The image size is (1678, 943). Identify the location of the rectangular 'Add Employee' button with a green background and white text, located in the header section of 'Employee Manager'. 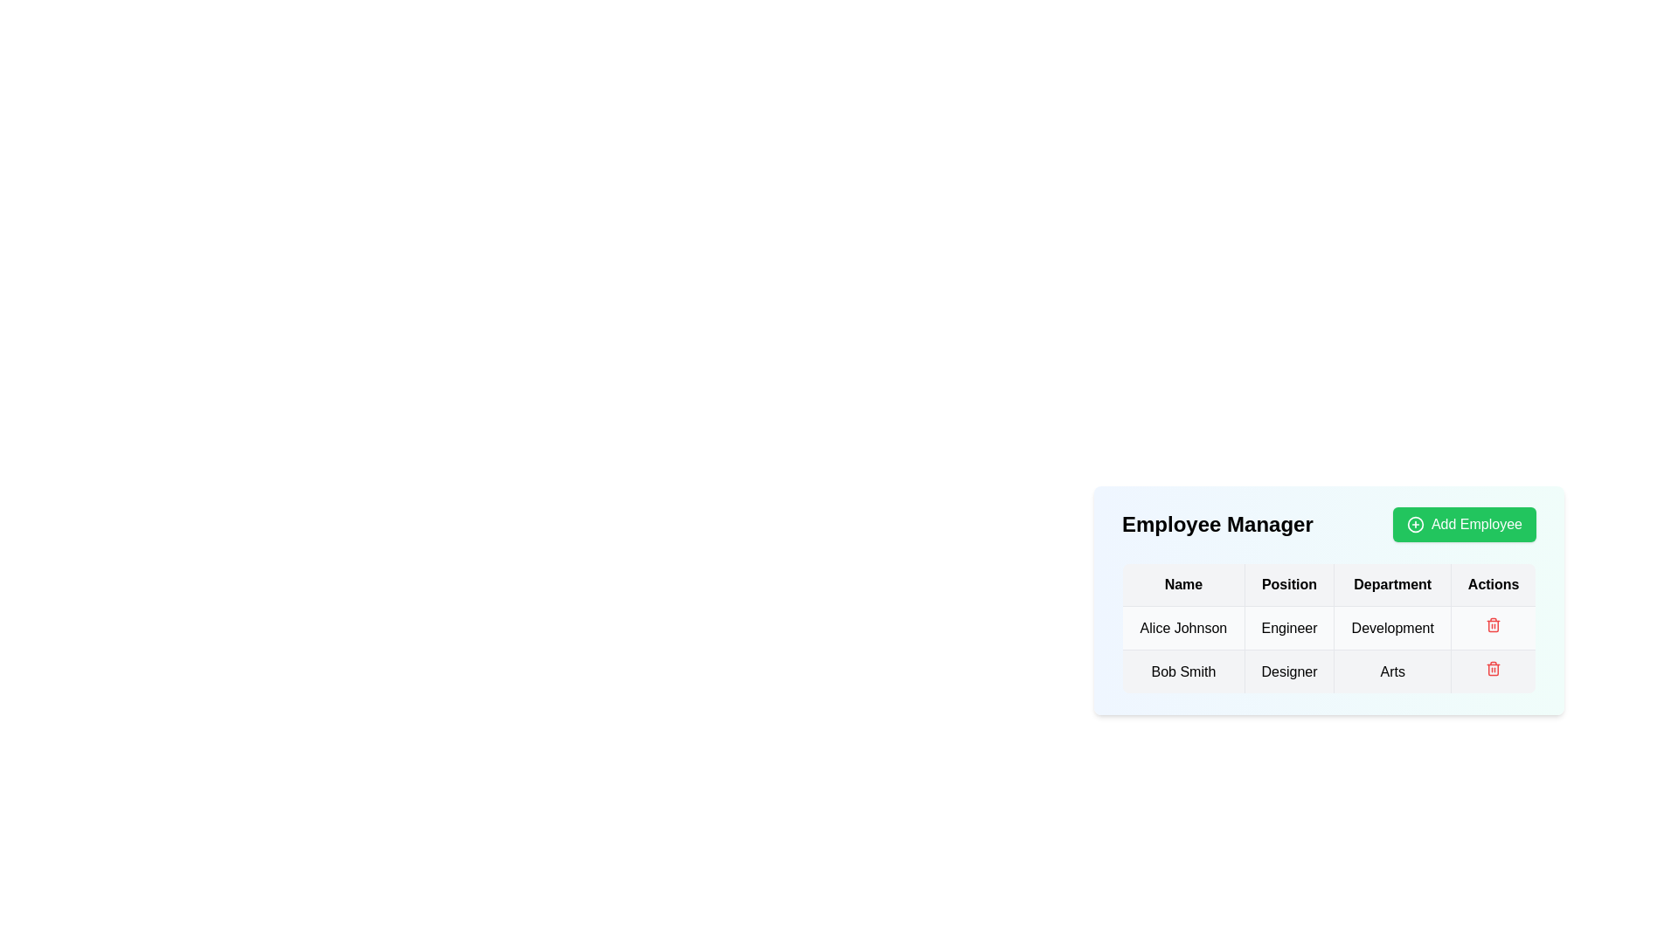
(1464, 524).